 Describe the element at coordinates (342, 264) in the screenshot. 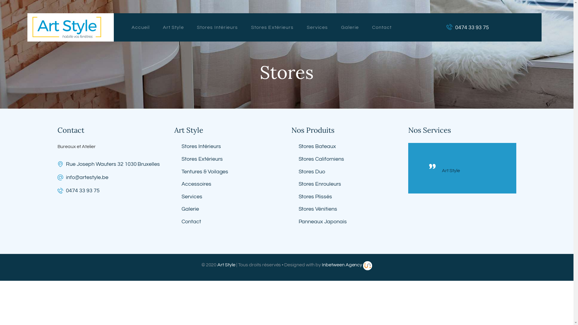

I see `'Inbetween Agency'` at that location.